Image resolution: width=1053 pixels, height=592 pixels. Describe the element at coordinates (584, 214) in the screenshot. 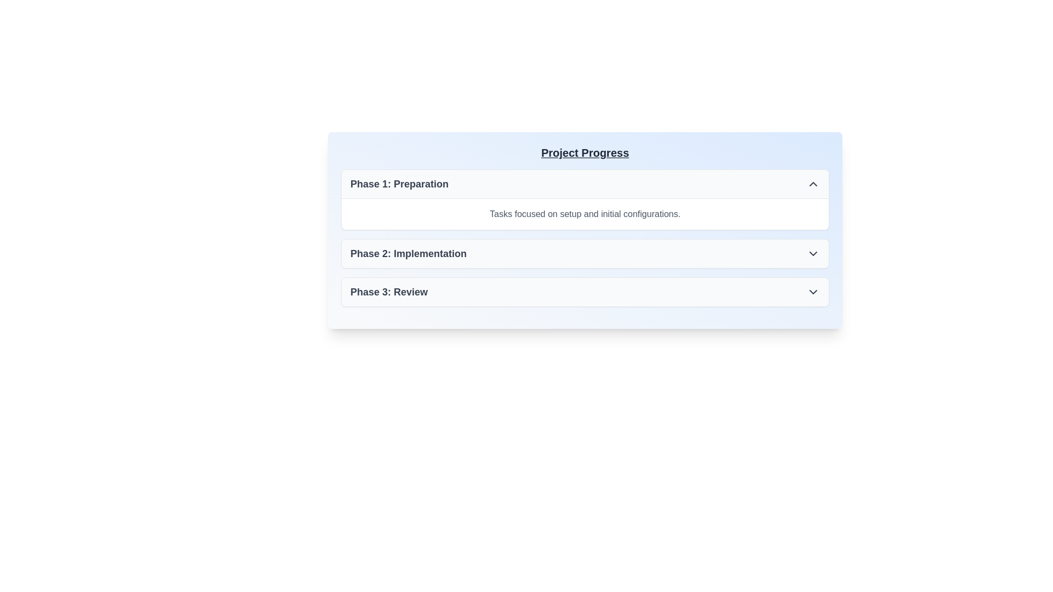

I see `the text label displaying 'Tasks focused on setup and initial configurations.' located below the heading 'Phase 1: Preparation' in the 'Project Progress' section` at that location.